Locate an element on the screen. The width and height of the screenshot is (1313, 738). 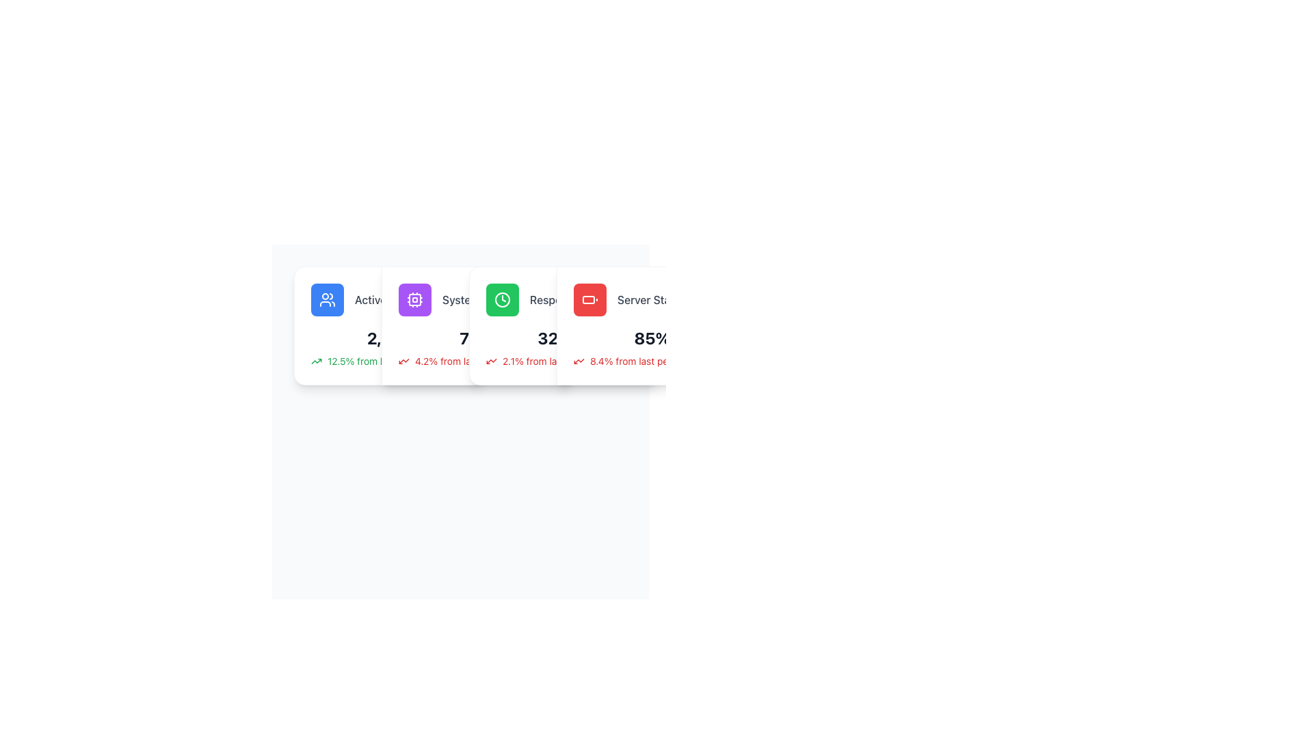
the Text Label displaying '4.2% from last period' styled in red, positioned at the bottom of the group card under the value '7' is located at coordinates (462, 360).